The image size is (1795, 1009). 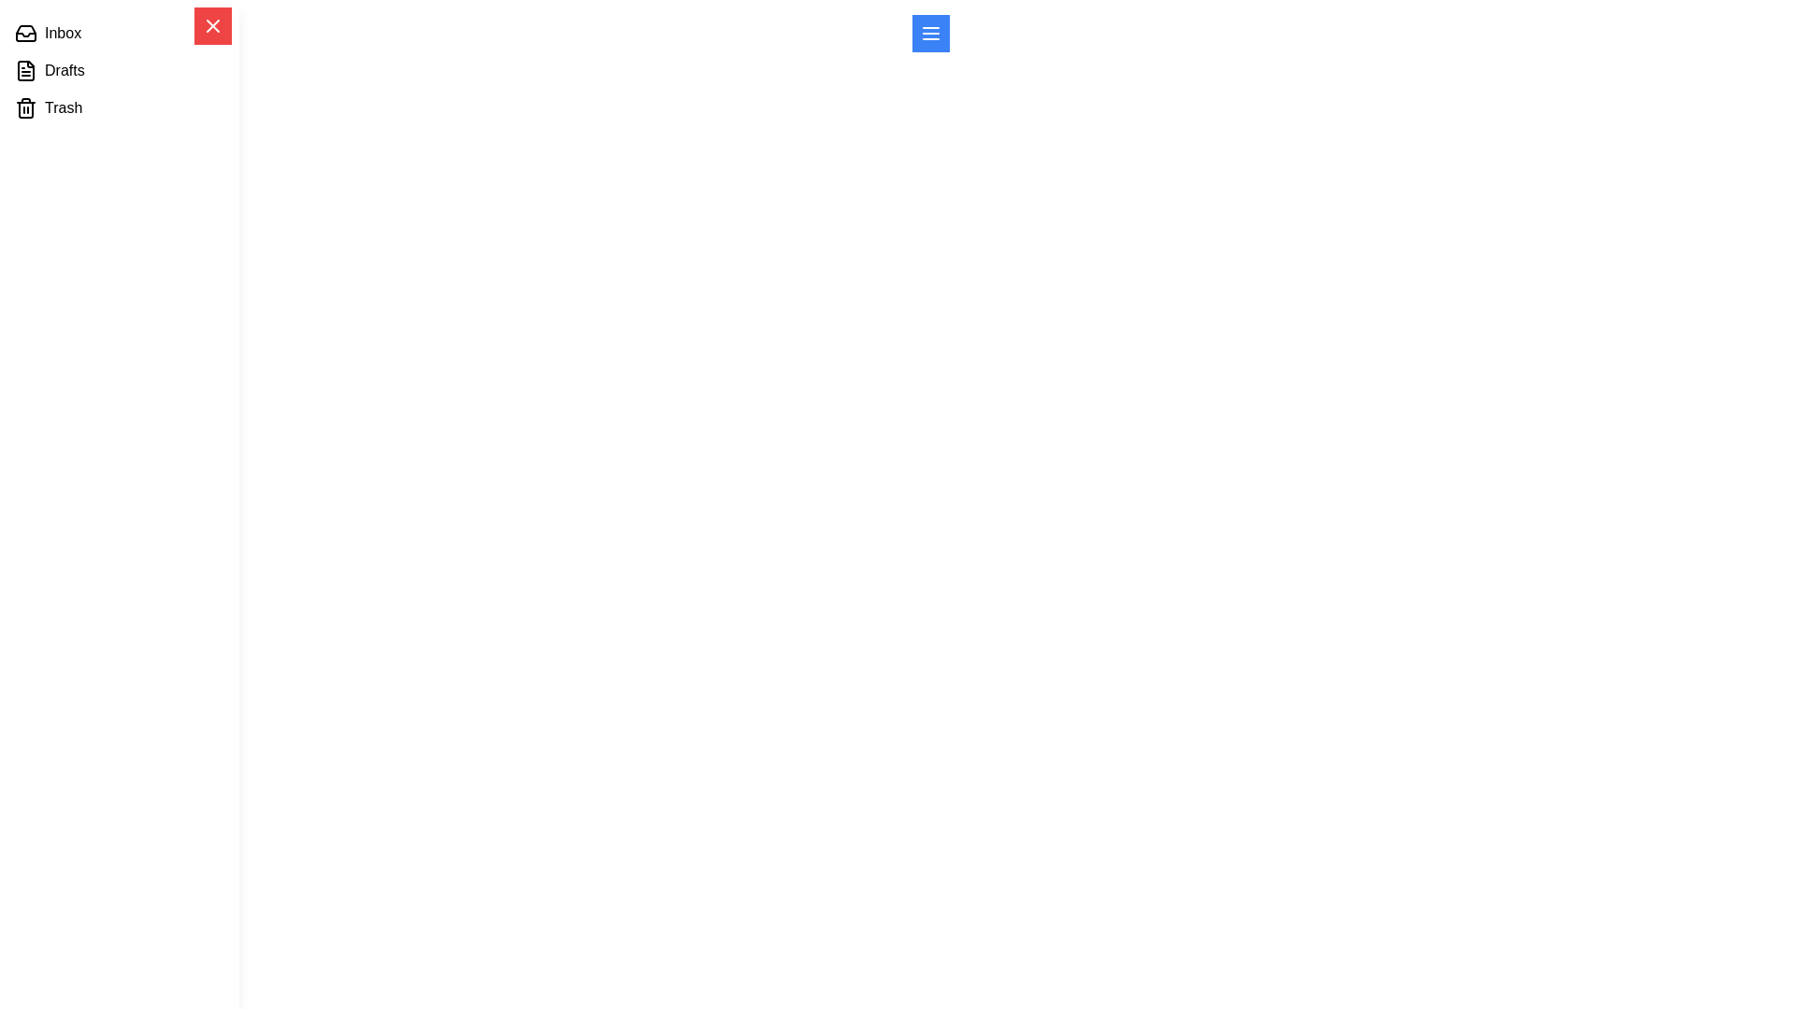 I want to click on the menu item labeled Drafts, so click(x=119, y=70).